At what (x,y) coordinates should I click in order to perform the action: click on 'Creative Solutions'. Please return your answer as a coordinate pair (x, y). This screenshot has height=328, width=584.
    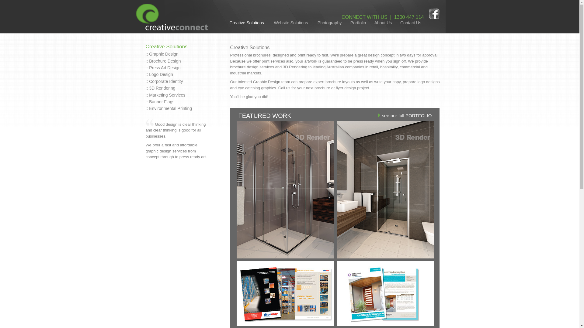
    Looking at the image, I should click on (247, 23).